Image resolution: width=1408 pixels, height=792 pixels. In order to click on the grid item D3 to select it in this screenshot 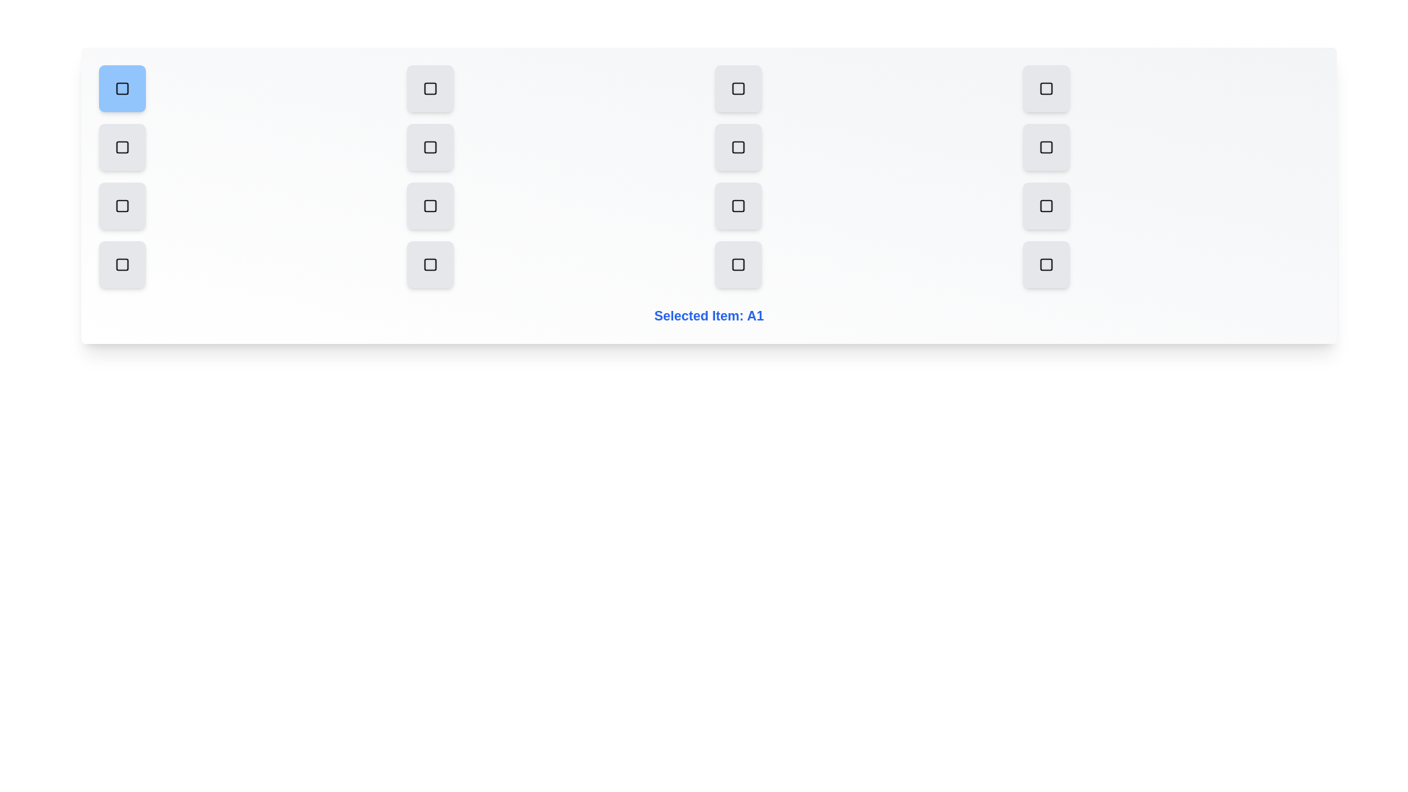, I will do `click(738, 265)`.